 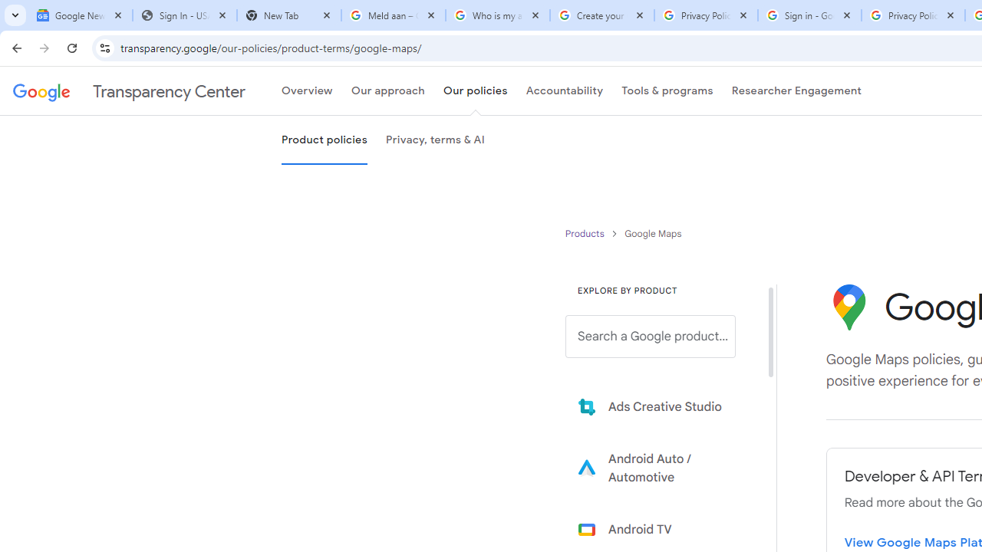 I want to click on 'Create your Google Account', so click(x=601, y=15).